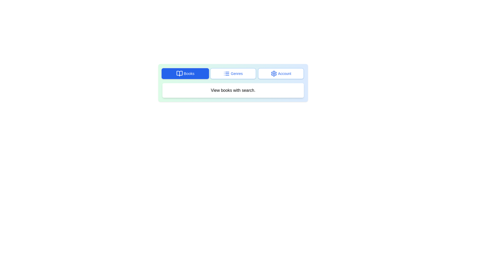 This screenshot has width=499, height=280. I want to click on the gear icon located to the left of the 'Account' label in the navigation bar, which indicates account settings or configurations, so click(273, 74).